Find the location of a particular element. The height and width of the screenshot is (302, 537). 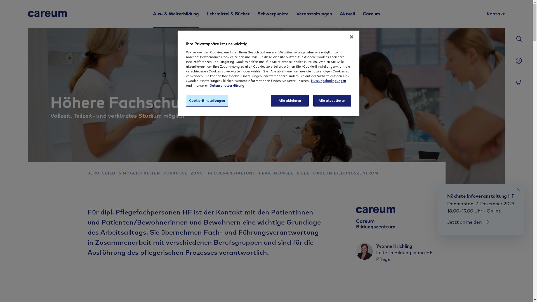

'CAREUM BILDUNGSZENTRUM' is located at coordinates (313, 173).